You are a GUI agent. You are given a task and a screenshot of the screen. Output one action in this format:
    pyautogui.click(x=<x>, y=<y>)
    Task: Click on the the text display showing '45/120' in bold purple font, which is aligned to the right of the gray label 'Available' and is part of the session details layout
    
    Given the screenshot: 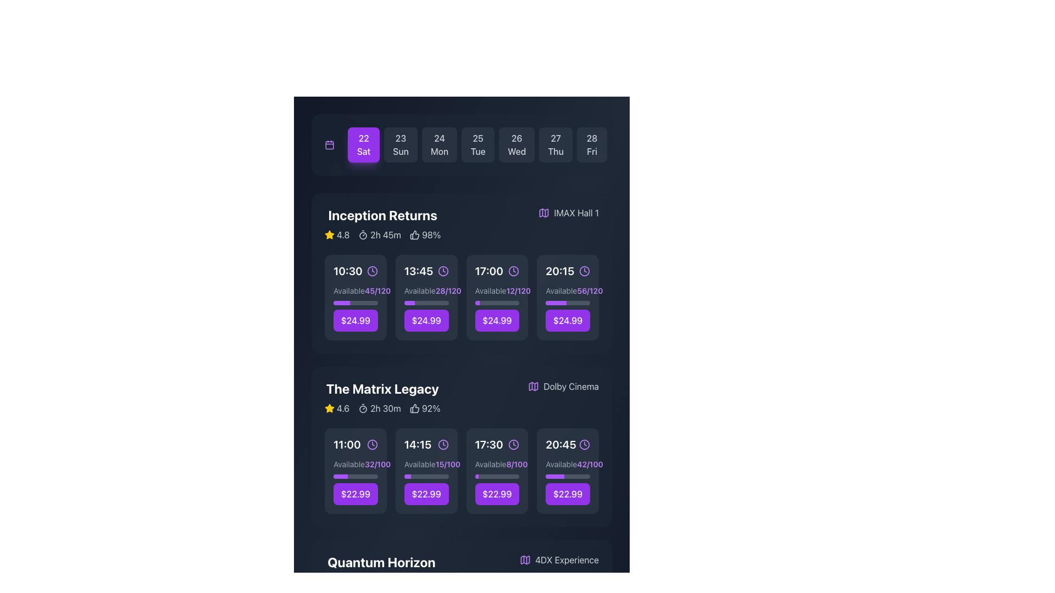 What is the action you would take?
    pyautogui.click(x=377, y=290)
    